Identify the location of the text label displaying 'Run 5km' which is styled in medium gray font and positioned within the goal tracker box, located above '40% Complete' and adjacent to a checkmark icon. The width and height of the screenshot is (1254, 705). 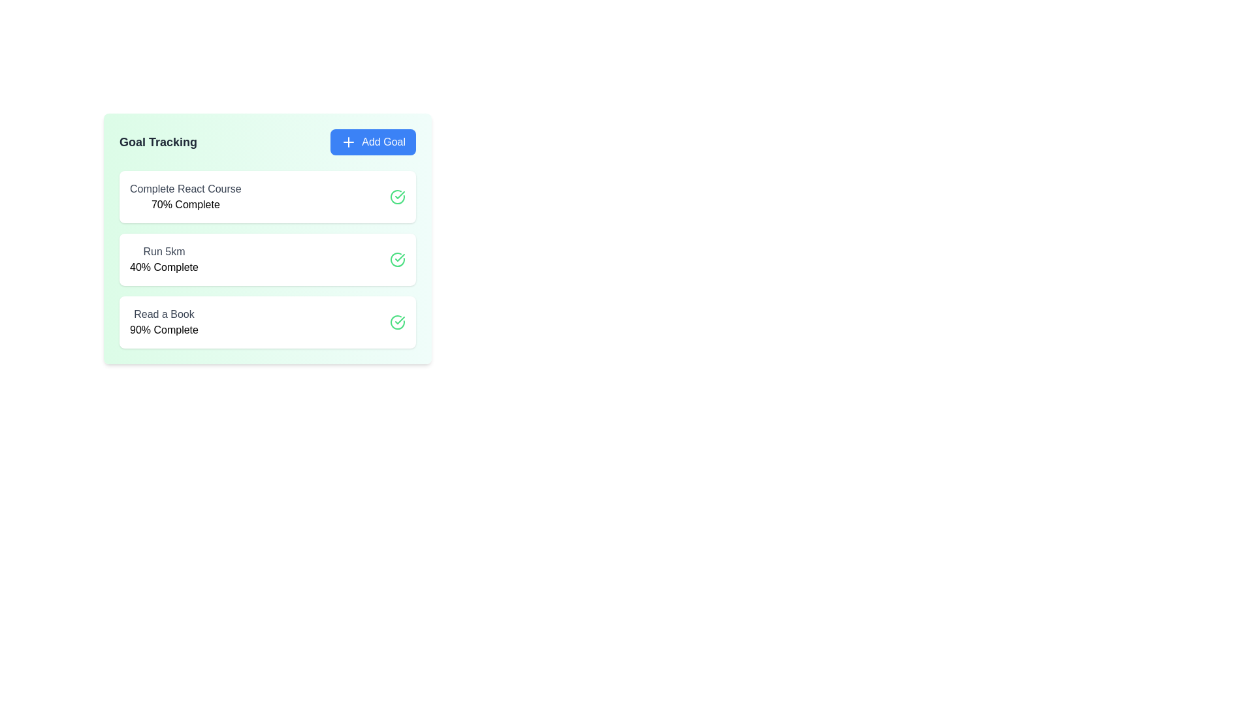
(163, 251).